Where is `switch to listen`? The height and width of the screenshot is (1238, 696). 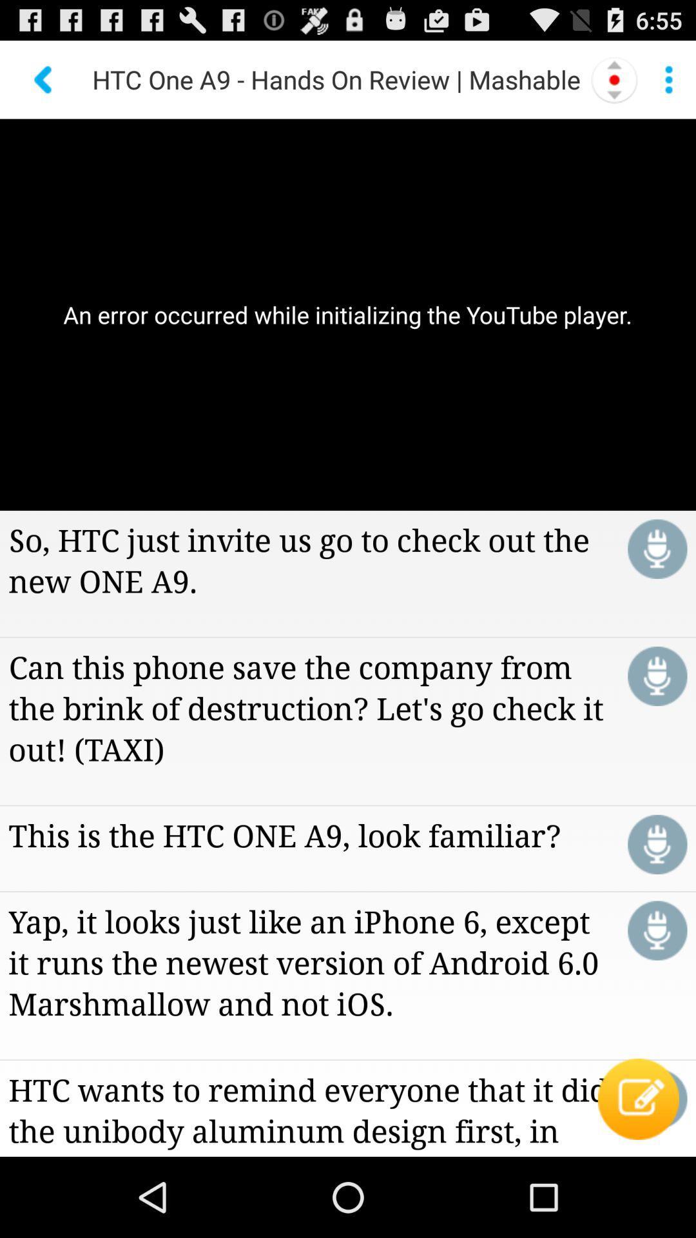
switch to listen is located at coordinates (657, 844).